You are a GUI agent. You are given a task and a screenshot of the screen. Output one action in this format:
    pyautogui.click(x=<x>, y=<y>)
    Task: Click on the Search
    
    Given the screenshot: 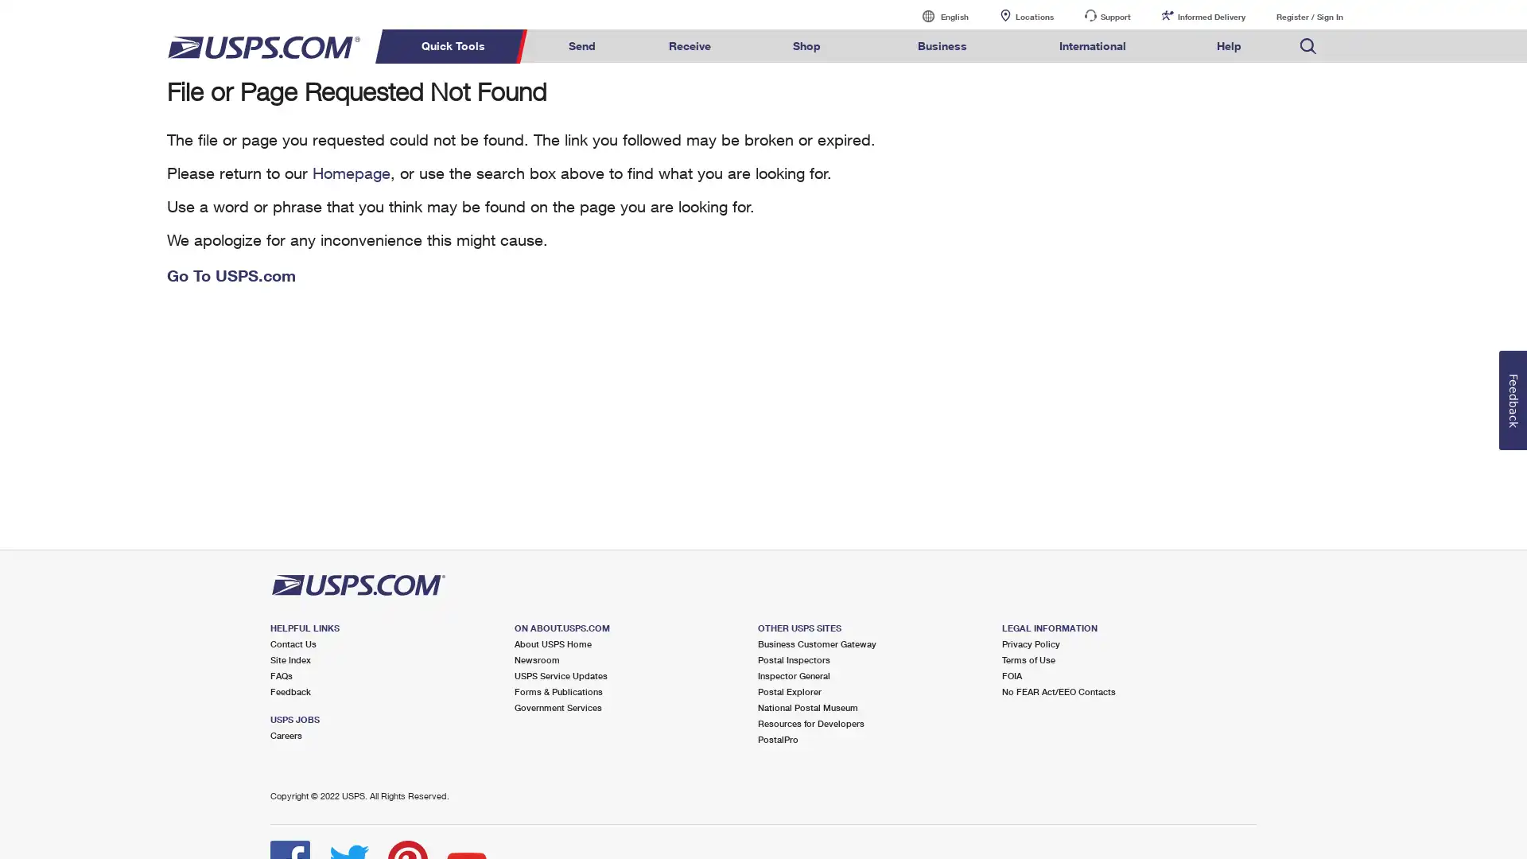 What is the action you would take?
    pyautogui.click(x=1102, y=401)
    